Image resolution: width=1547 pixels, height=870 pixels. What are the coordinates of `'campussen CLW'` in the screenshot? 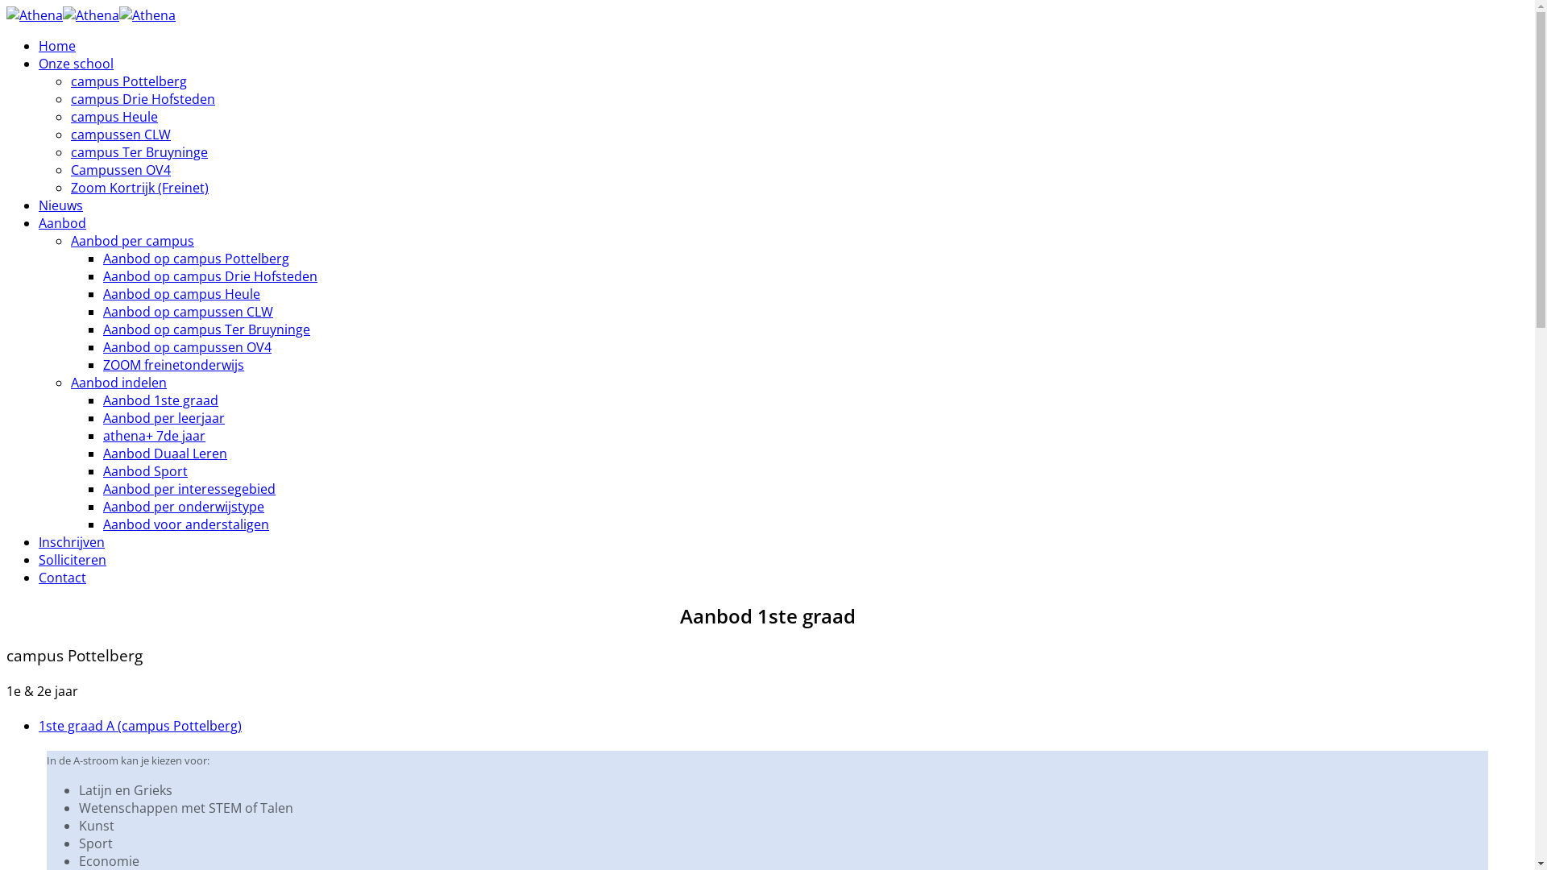 It's located at (119, 133).